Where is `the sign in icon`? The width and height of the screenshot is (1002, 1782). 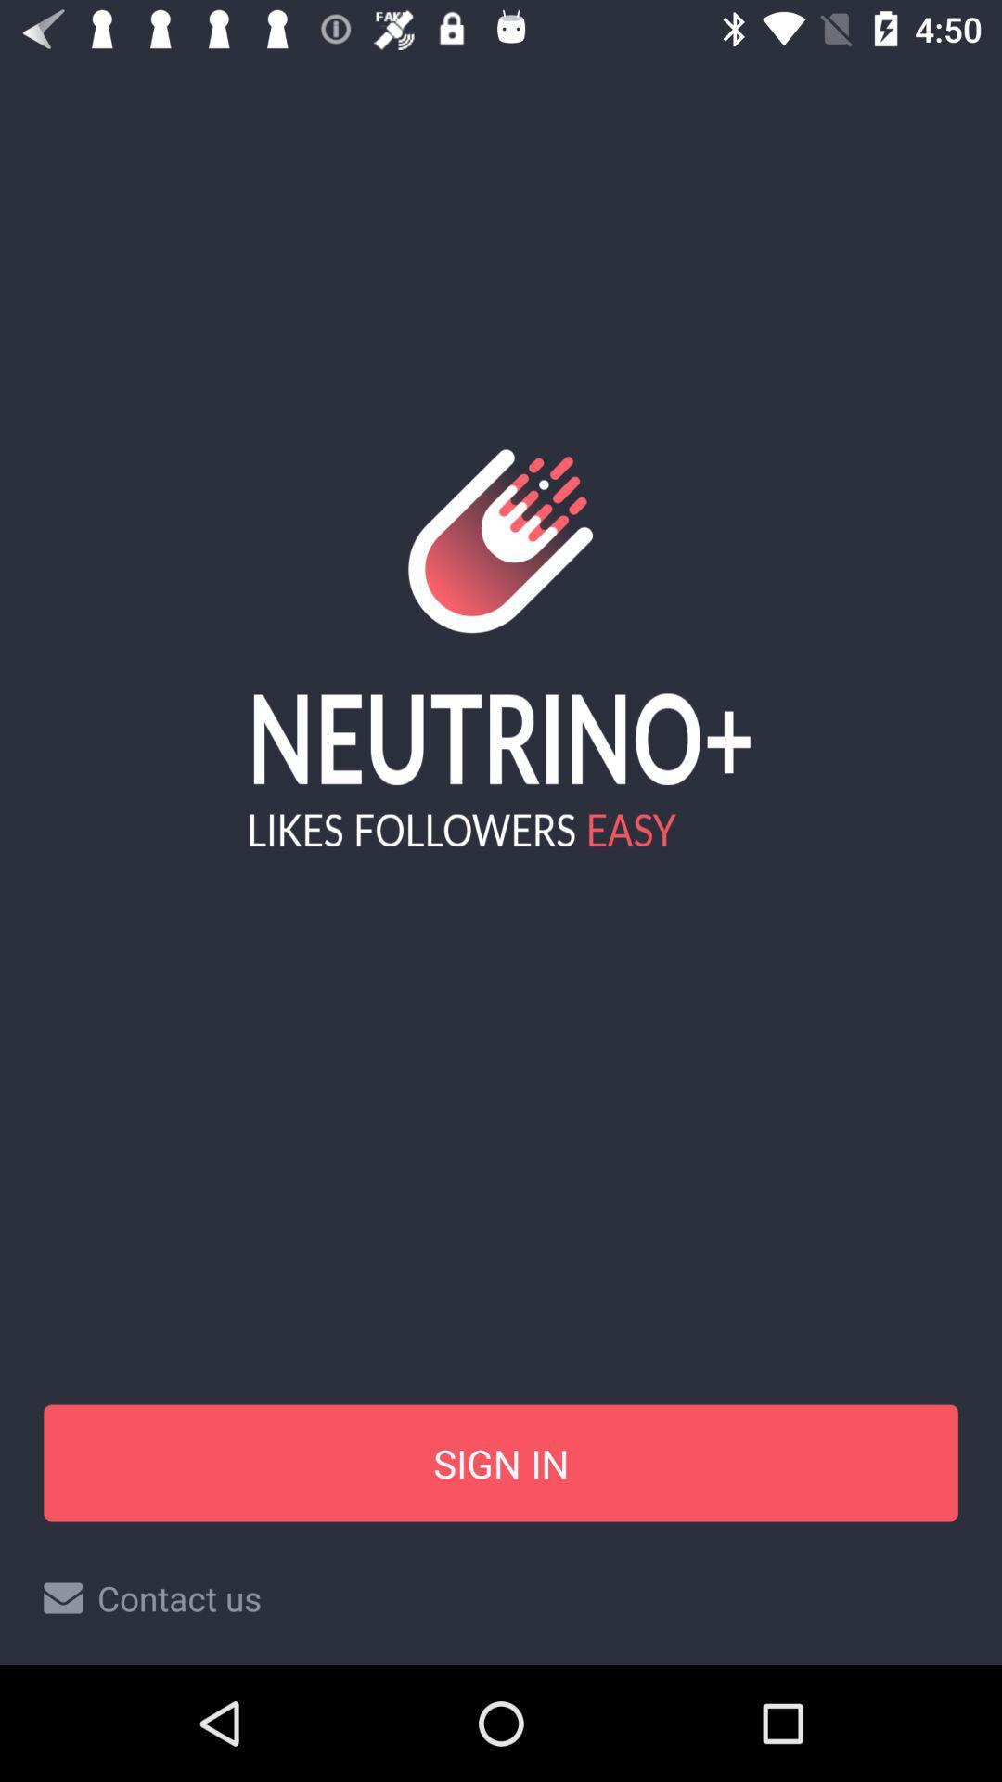
the sign in icon is located at coordinates (501, 1462).